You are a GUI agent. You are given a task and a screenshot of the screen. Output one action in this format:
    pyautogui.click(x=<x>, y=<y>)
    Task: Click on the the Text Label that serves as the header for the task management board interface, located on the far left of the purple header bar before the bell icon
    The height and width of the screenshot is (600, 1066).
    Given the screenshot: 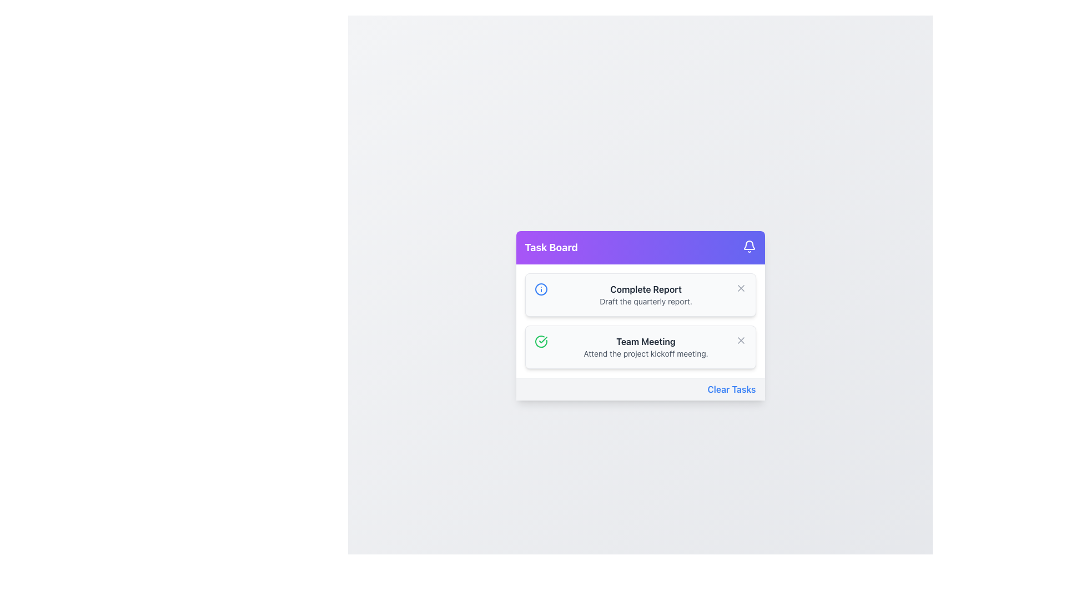 What is the action you would take?
    pyautogui.click(x=551, y=247)
    